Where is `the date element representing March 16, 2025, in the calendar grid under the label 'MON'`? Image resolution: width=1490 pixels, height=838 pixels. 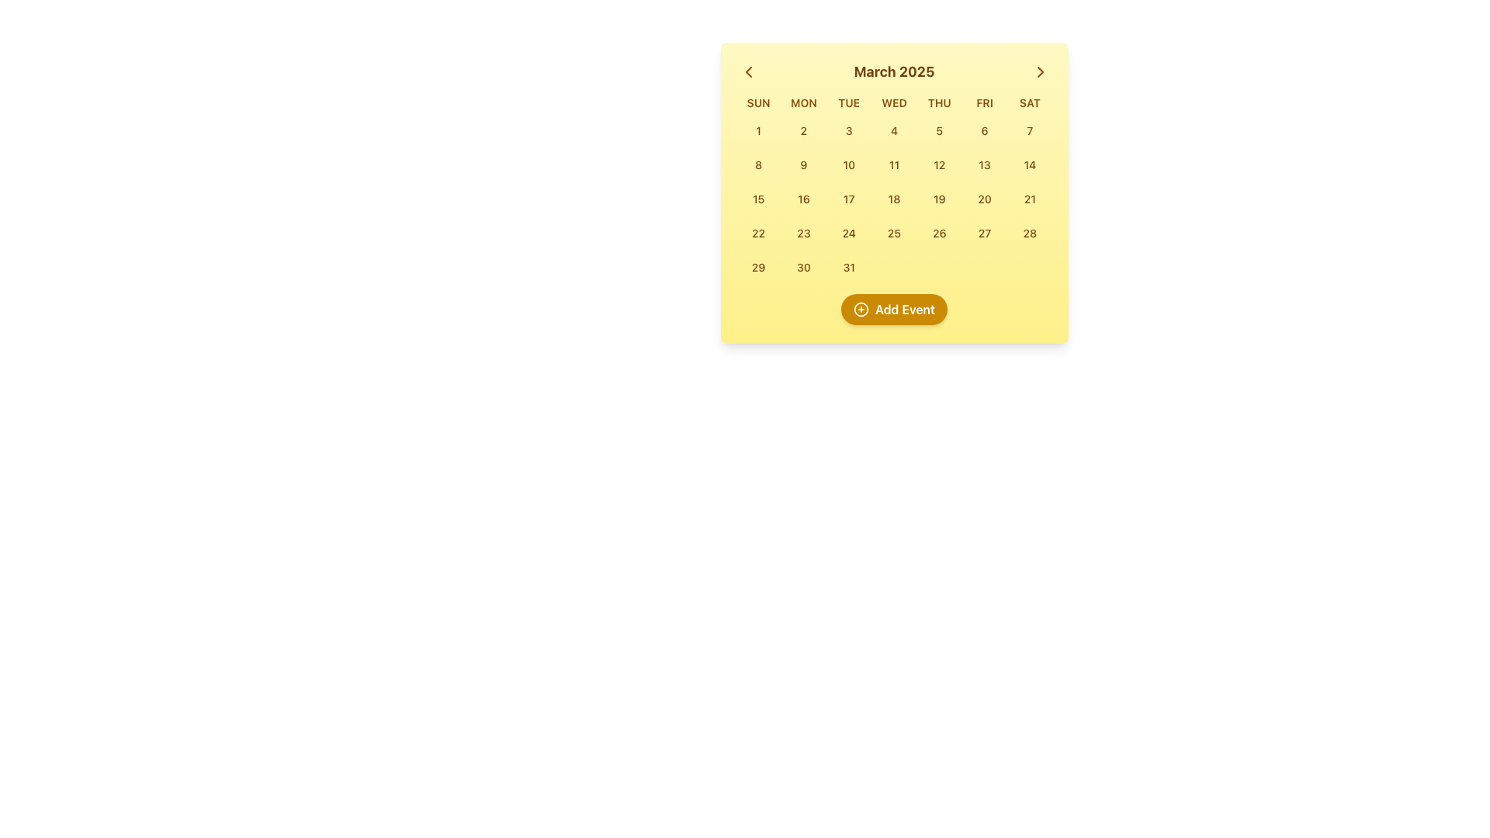 the date element representing March 16, 2025, in the calendar grid under the label 'MON' is located at coordinates (803, 199).